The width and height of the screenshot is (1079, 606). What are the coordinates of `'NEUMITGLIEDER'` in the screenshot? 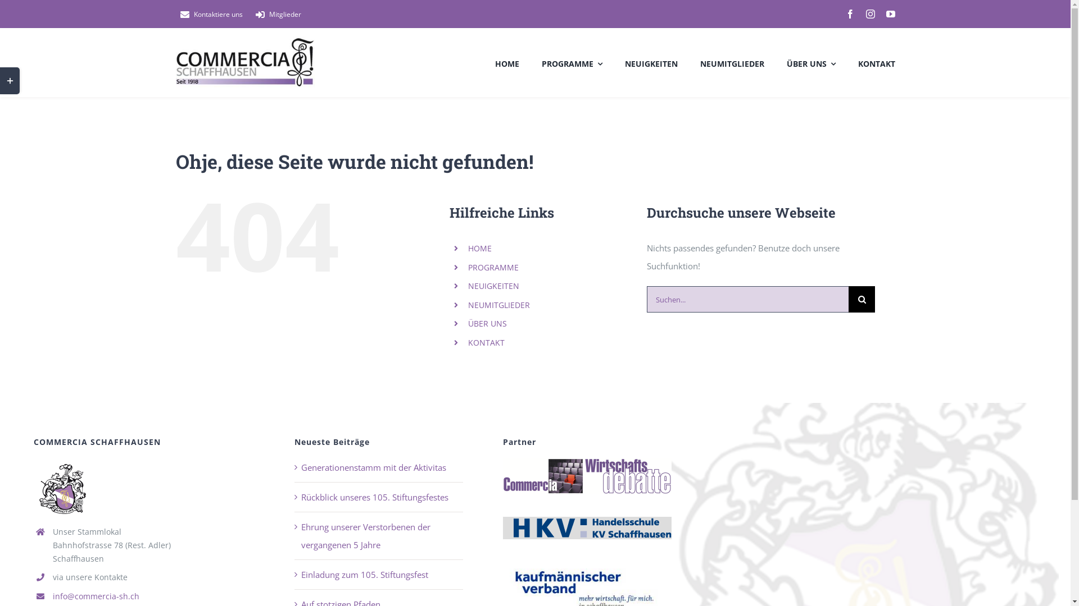 It's located at (468, 305).